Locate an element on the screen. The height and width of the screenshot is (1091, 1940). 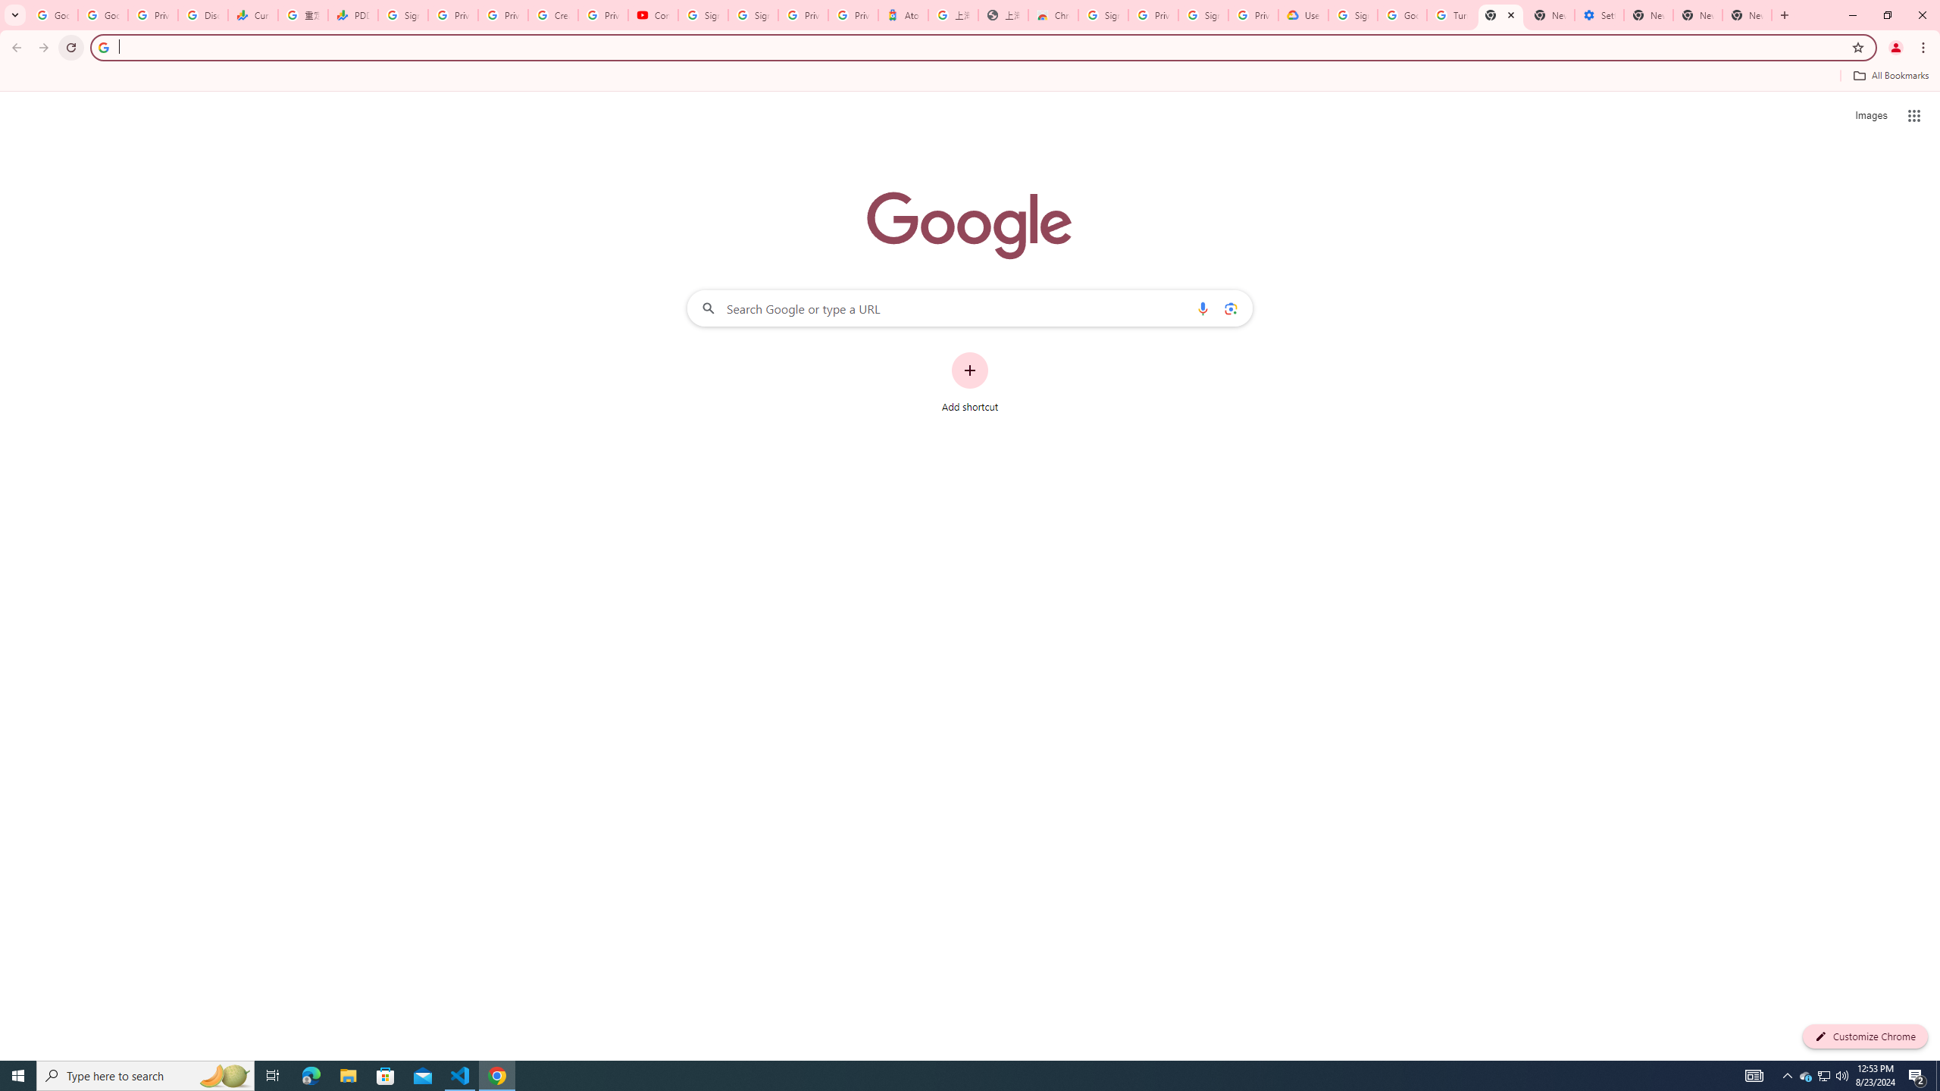
'Chrome Web Store - Color themes by Chrome' is located at coordinates (1053, 14).